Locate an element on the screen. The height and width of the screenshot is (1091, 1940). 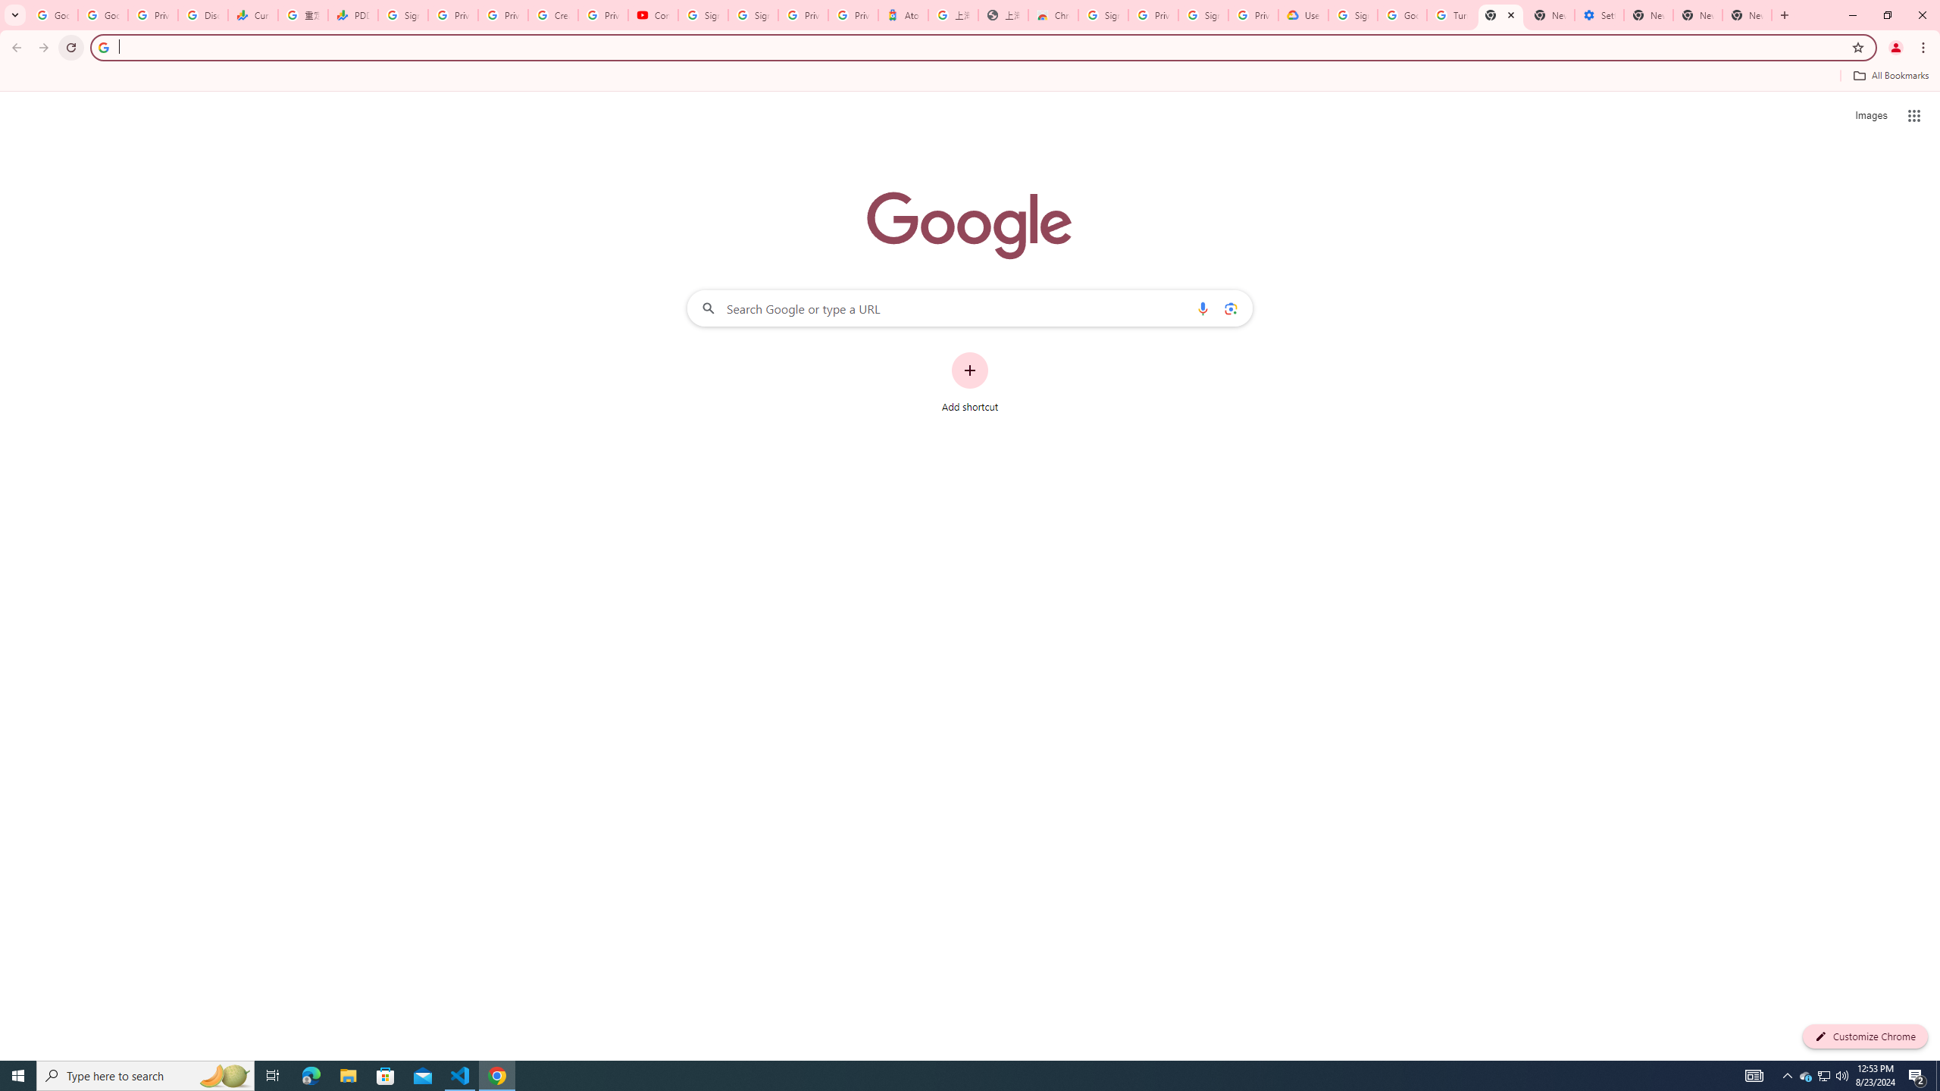
'Chrome Web Store - Color themes by Chrome' is located at coordinates (1053, 14).